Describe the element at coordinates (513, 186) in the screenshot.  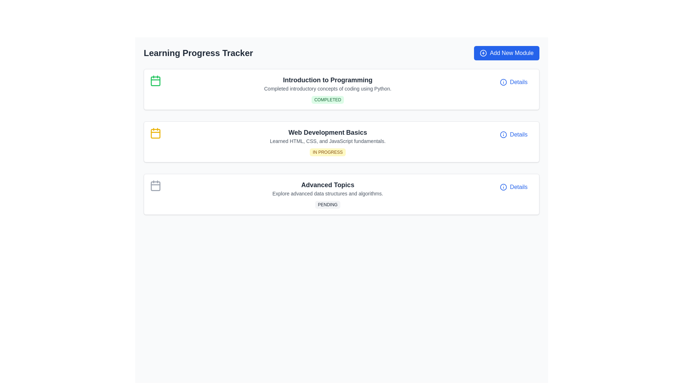
I see `the 'Details' button located at the bottom-right corner of the 'Advanced Topics' module panel, which includes a small circular information icon and is styled in blue text with an underline on hover` at that location.